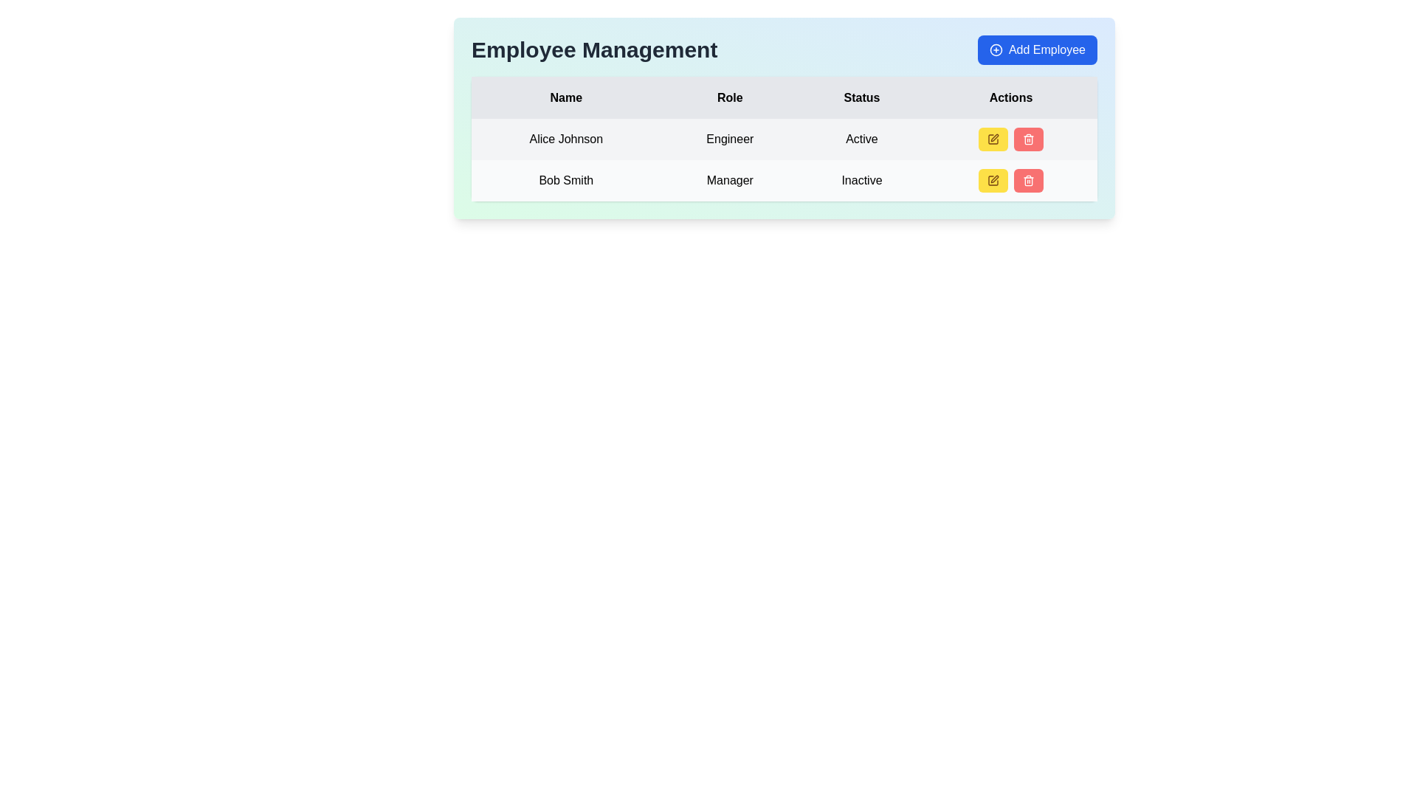 The image size is (1417, 797). I want to click on the 'Add Employee' button located in the top-right corner of the 'Employee Management' section, so click(1037, 49).